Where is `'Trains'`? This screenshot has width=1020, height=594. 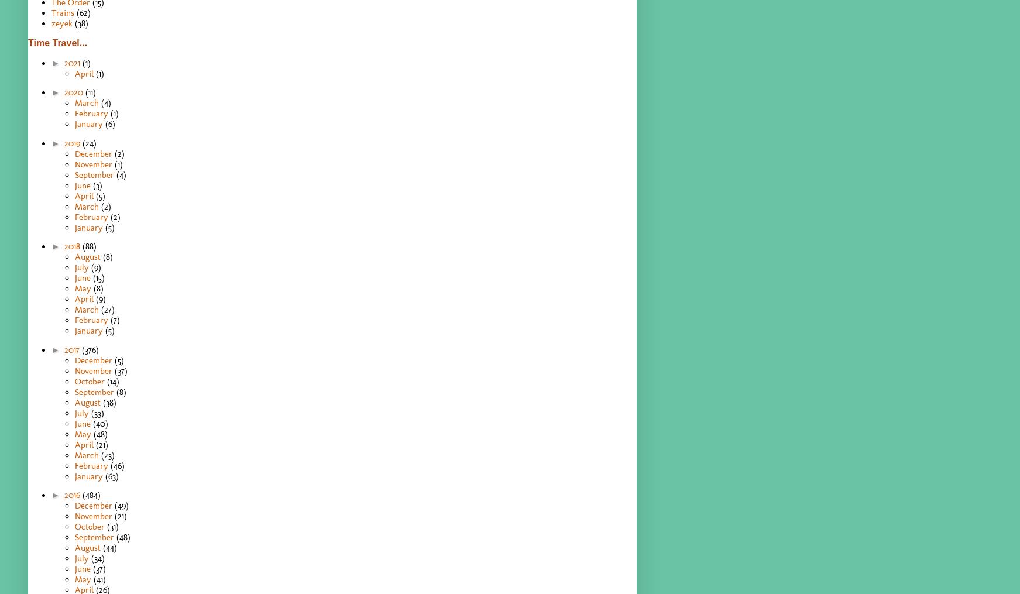
'Trains' is located at coordinates (62, 12).